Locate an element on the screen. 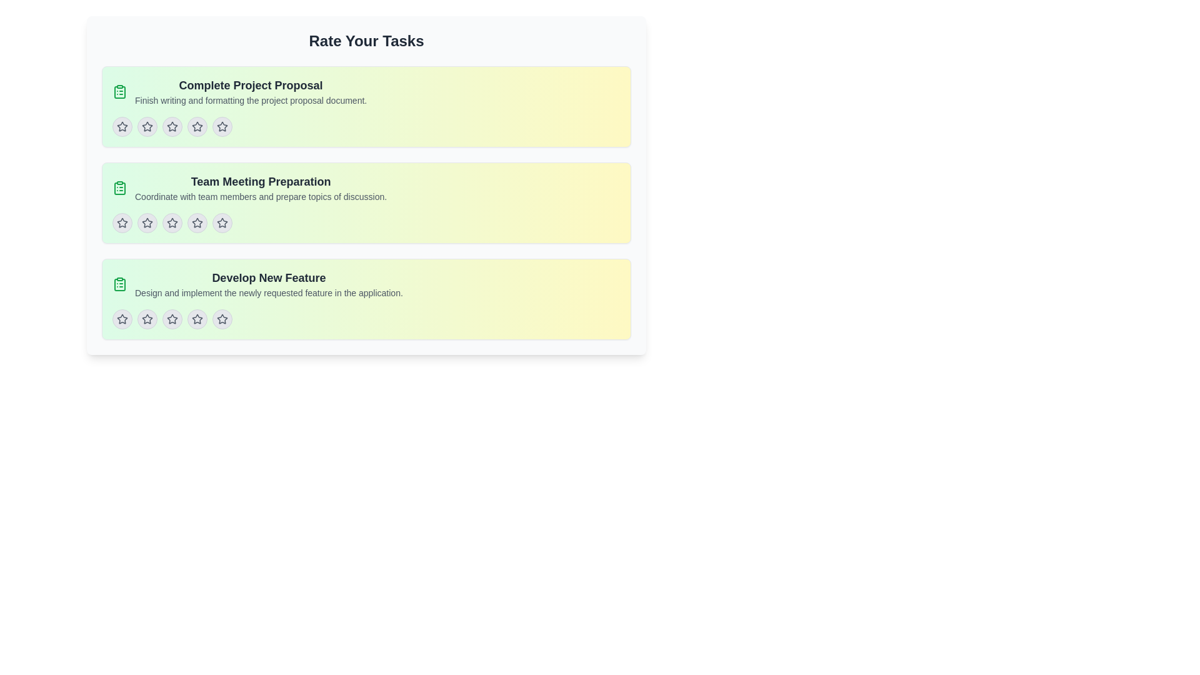 The height and width of the screenshot is (675, 1200). the fourth star icon in the horizontal row of five icons to rate the task 'Develop New Feature' is located at coordinates (171, 318).